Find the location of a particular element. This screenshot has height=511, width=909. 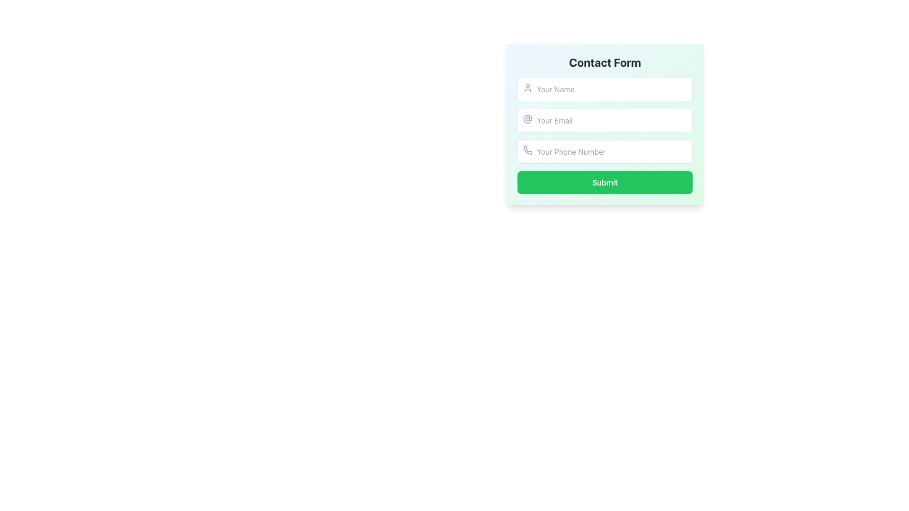

the email input field with placeholder 'Your Email' in the 'Contact Form' is located at coordinates (604, 120).